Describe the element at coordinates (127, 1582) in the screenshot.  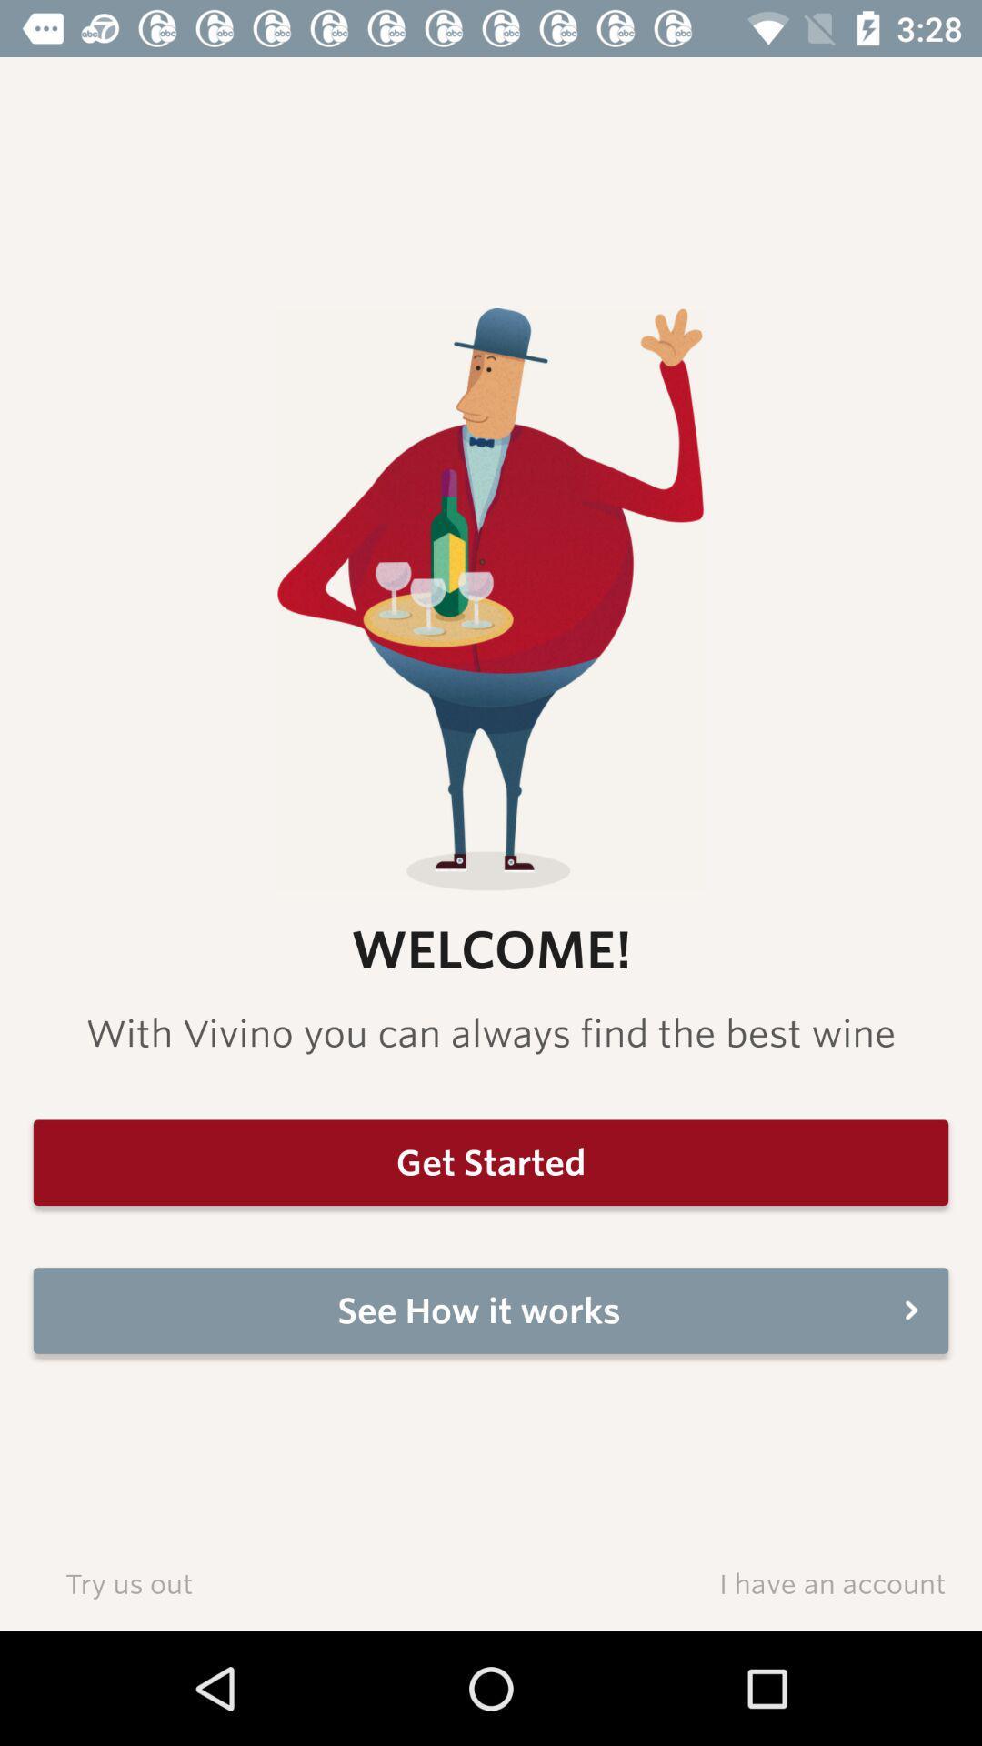
I see `icon below see how it` at that location.